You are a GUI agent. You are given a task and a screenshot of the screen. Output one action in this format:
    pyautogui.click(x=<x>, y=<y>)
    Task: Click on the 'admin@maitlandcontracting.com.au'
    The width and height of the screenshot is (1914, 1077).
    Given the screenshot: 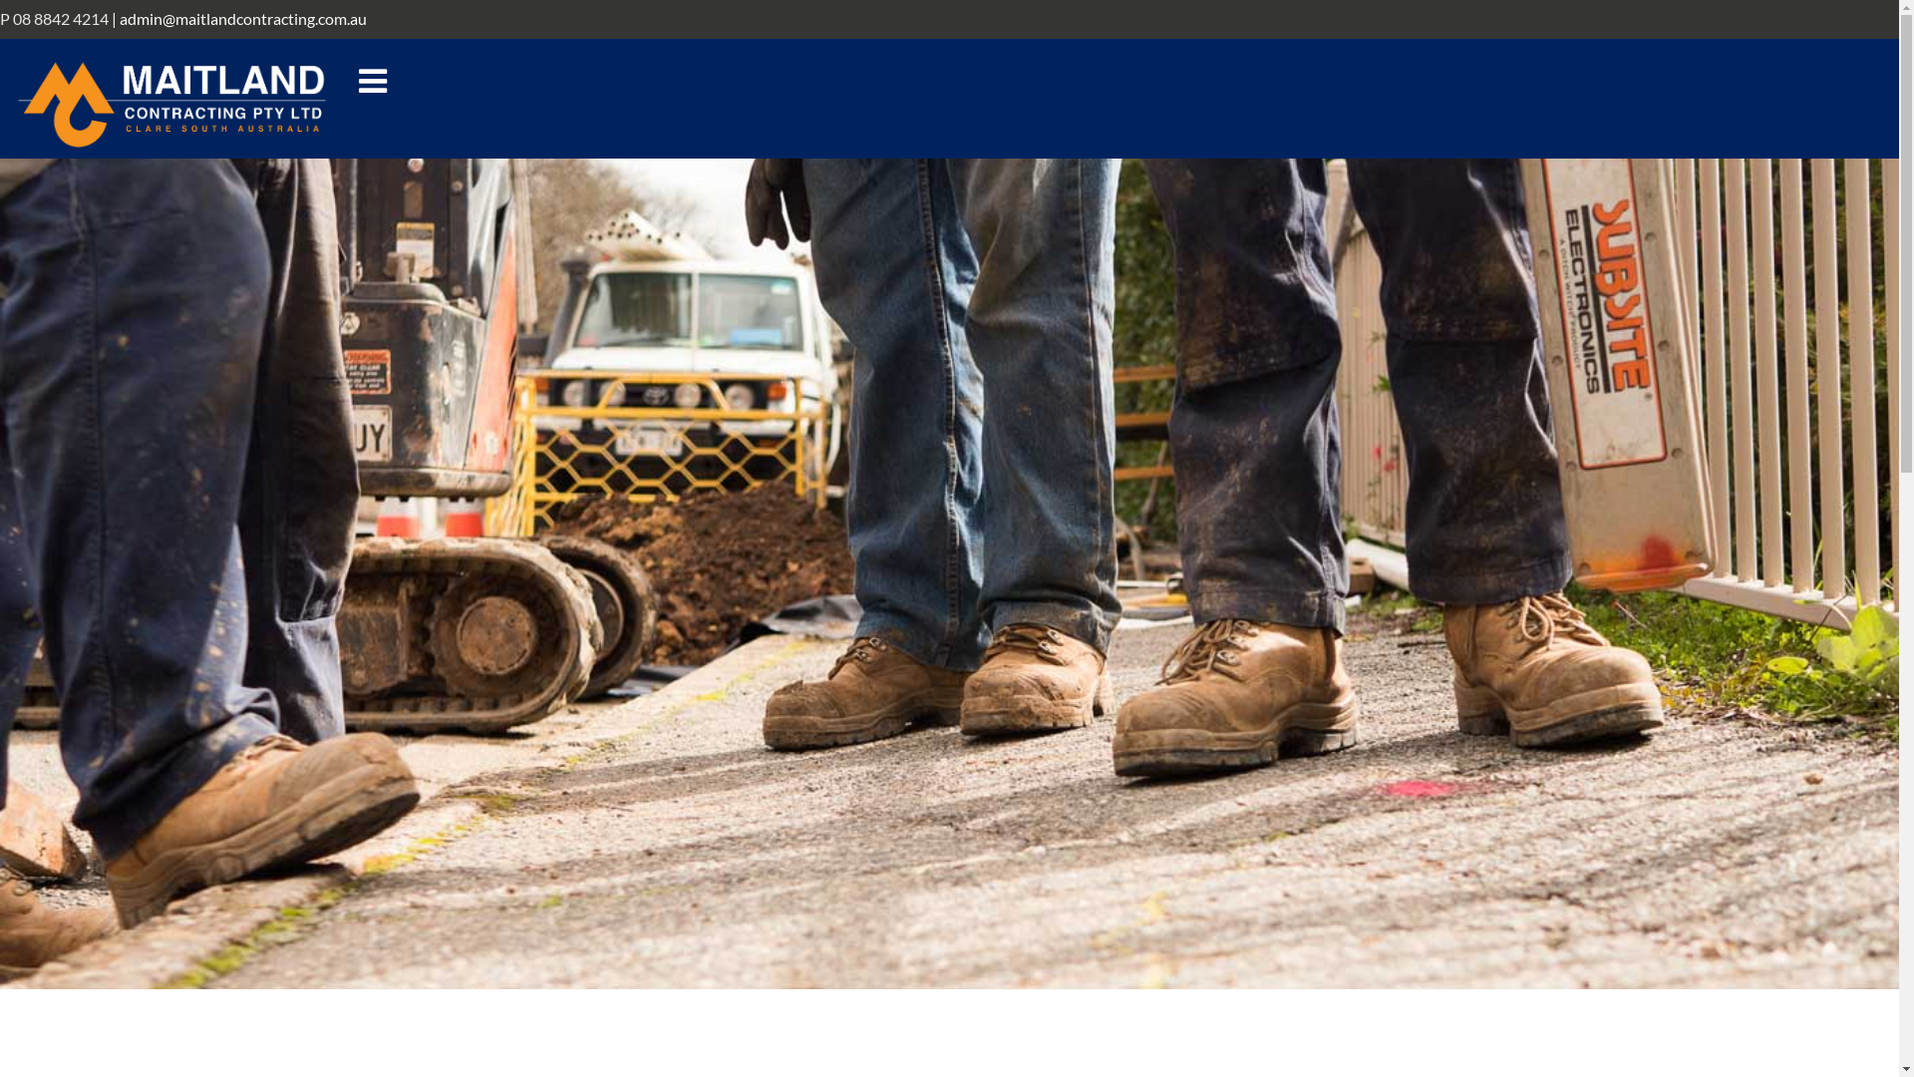 What is the action you would take?
    pyautogui.click(x=119, y=18)
    